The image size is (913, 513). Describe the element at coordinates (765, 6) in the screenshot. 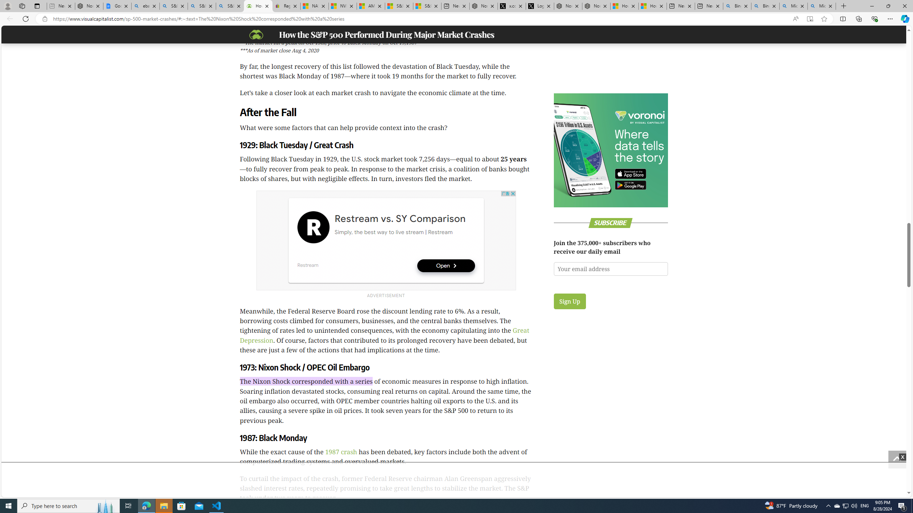

I see `'Bing AI - Search'` at that location.